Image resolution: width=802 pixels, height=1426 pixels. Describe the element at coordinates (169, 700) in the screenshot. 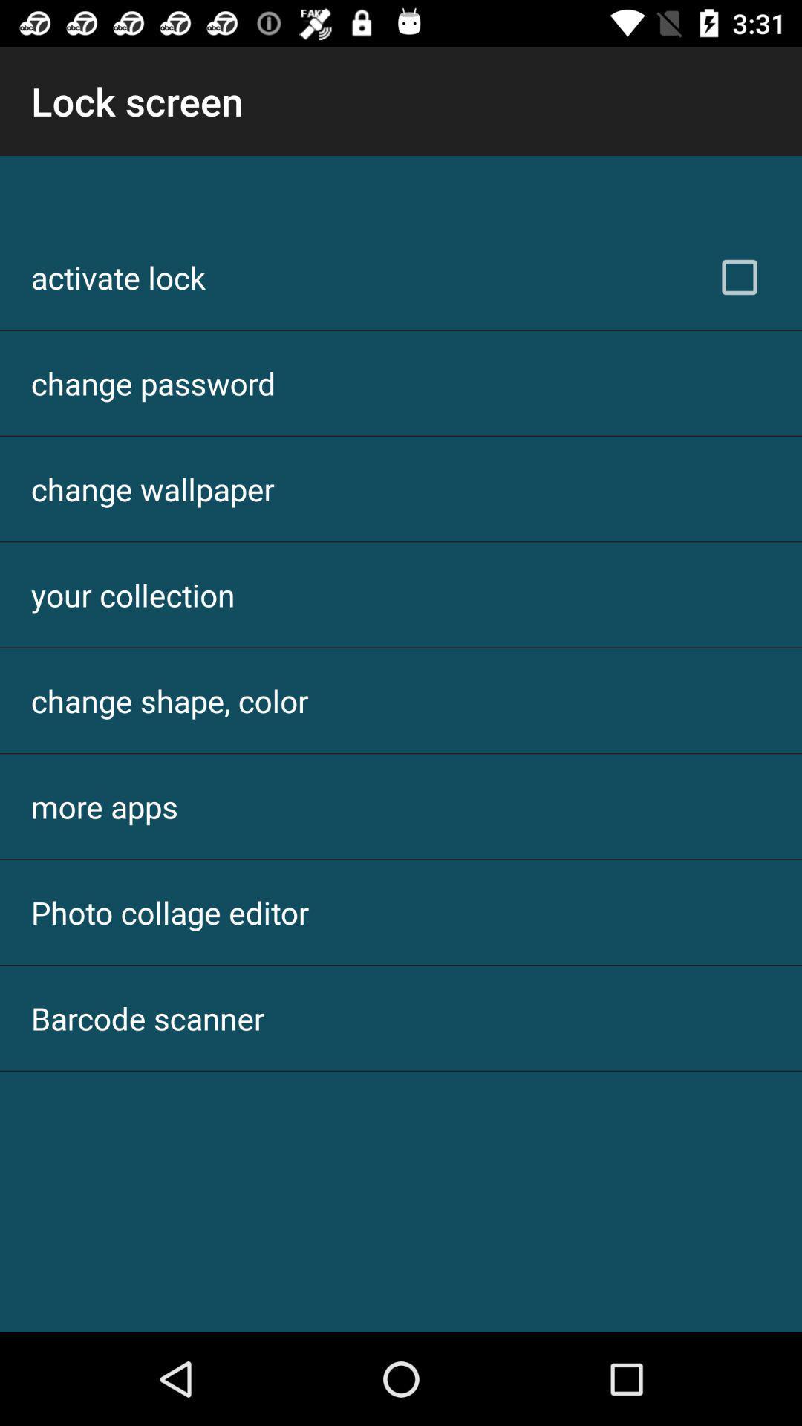

I see `the change shape, color icon` at that location.